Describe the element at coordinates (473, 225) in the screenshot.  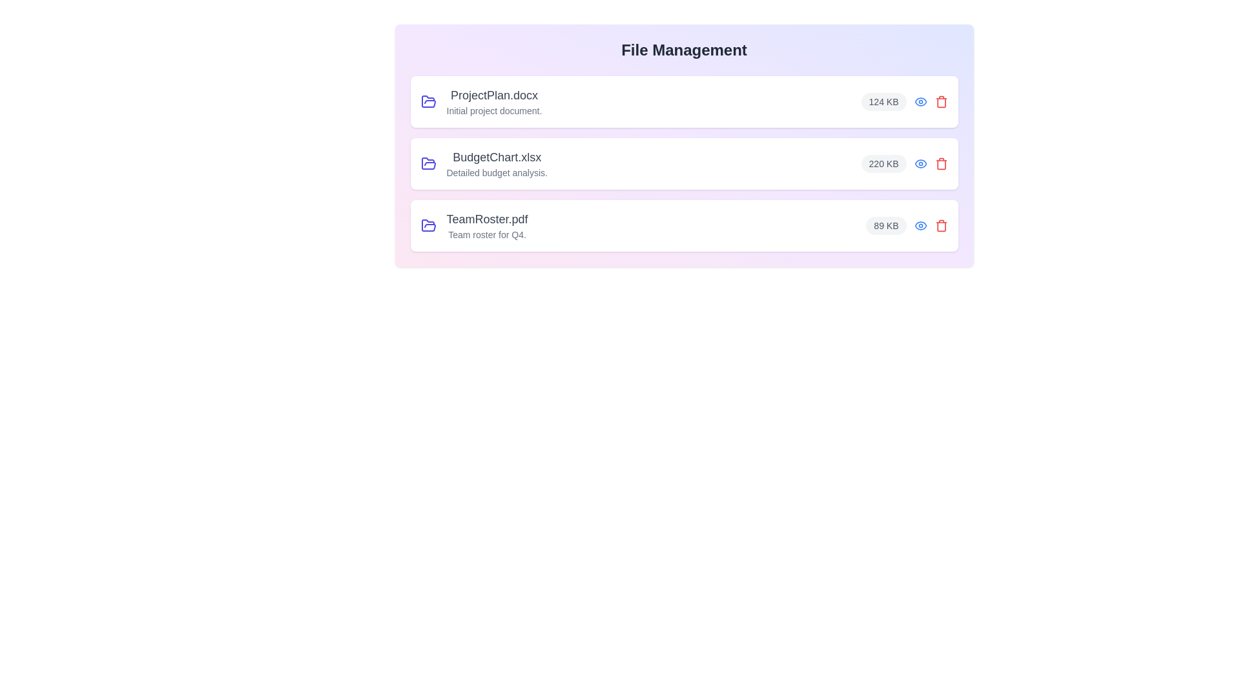
I see `the file name and size for the file TeamRoster.pdf` at that location.